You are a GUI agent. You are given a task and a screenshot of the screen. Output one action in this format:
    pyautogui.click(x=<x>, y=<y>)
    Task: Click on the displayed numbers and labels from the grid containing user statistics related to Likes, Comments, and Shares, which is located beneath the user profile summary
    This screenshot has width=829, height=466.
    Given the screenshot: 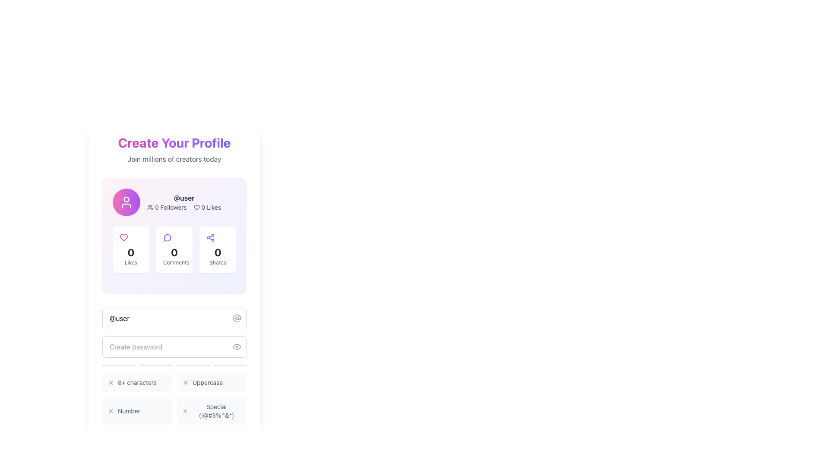 What is the action you would take?
    pyautogui.click(x=174, y=249)
    